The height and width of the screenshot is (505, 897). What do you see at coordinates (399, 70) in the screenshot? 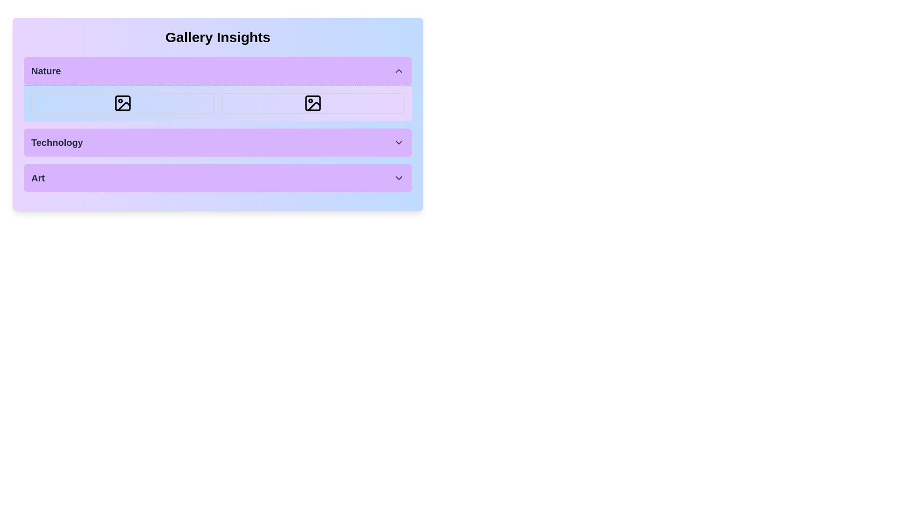
I see `the upward-pointing chevron icon located in the header section labeled 'Nature' on the far right` at bounding box center [399, 70].